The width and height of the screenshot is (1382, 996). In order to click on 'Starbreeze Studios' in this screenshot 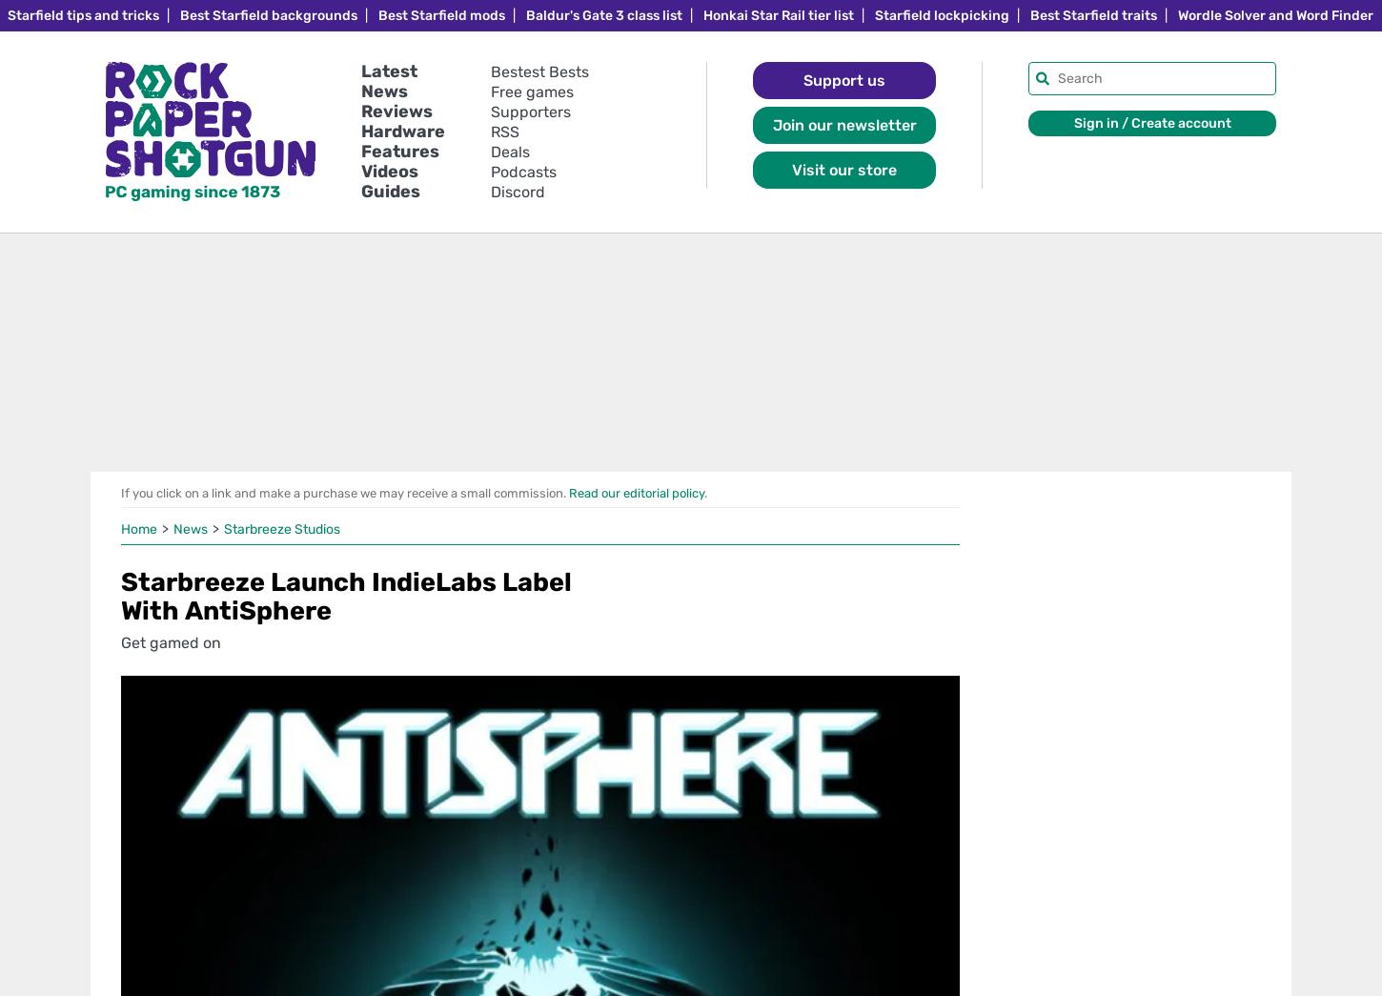, I will do `click(281, 529)`.